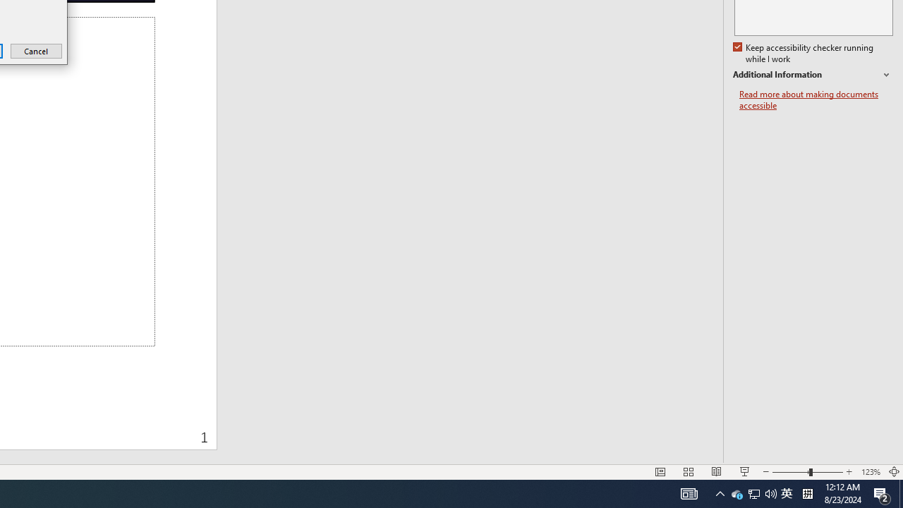 This screenshot has height=508, width=903. I want to click on 'Cancel', so click(36, 50).